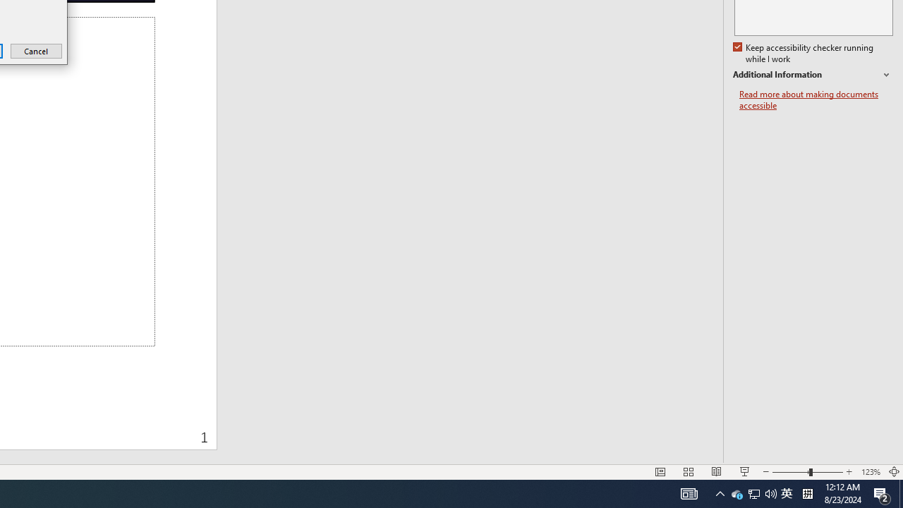 This screenshot has height=508, width=903. I want to click on 'Cancel', so click(36, 50).